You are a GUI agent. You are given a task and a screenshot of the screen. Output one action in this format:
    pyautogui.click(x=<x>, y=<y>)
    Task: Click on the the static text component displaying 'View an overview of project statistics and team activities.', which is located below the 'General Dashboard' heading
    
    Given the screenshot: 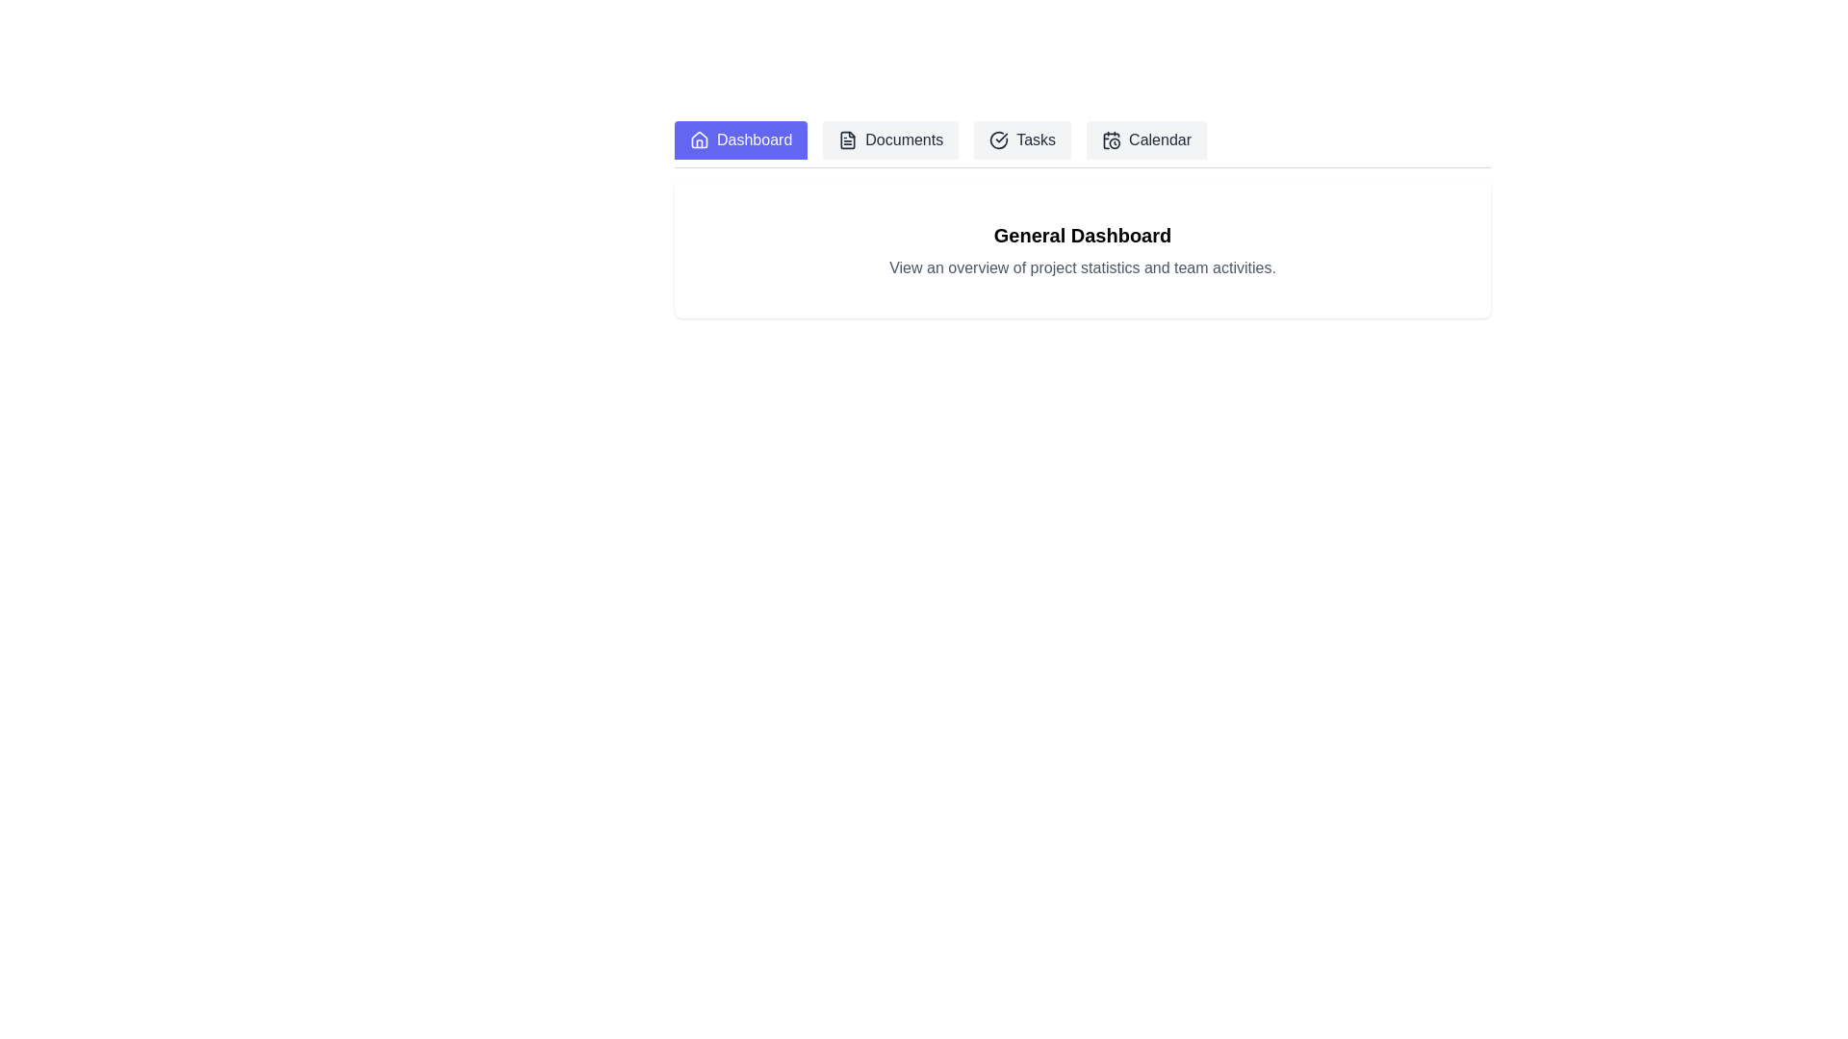 What is the action you would take?
    pyautogui.click(x=1082, y=267)
    